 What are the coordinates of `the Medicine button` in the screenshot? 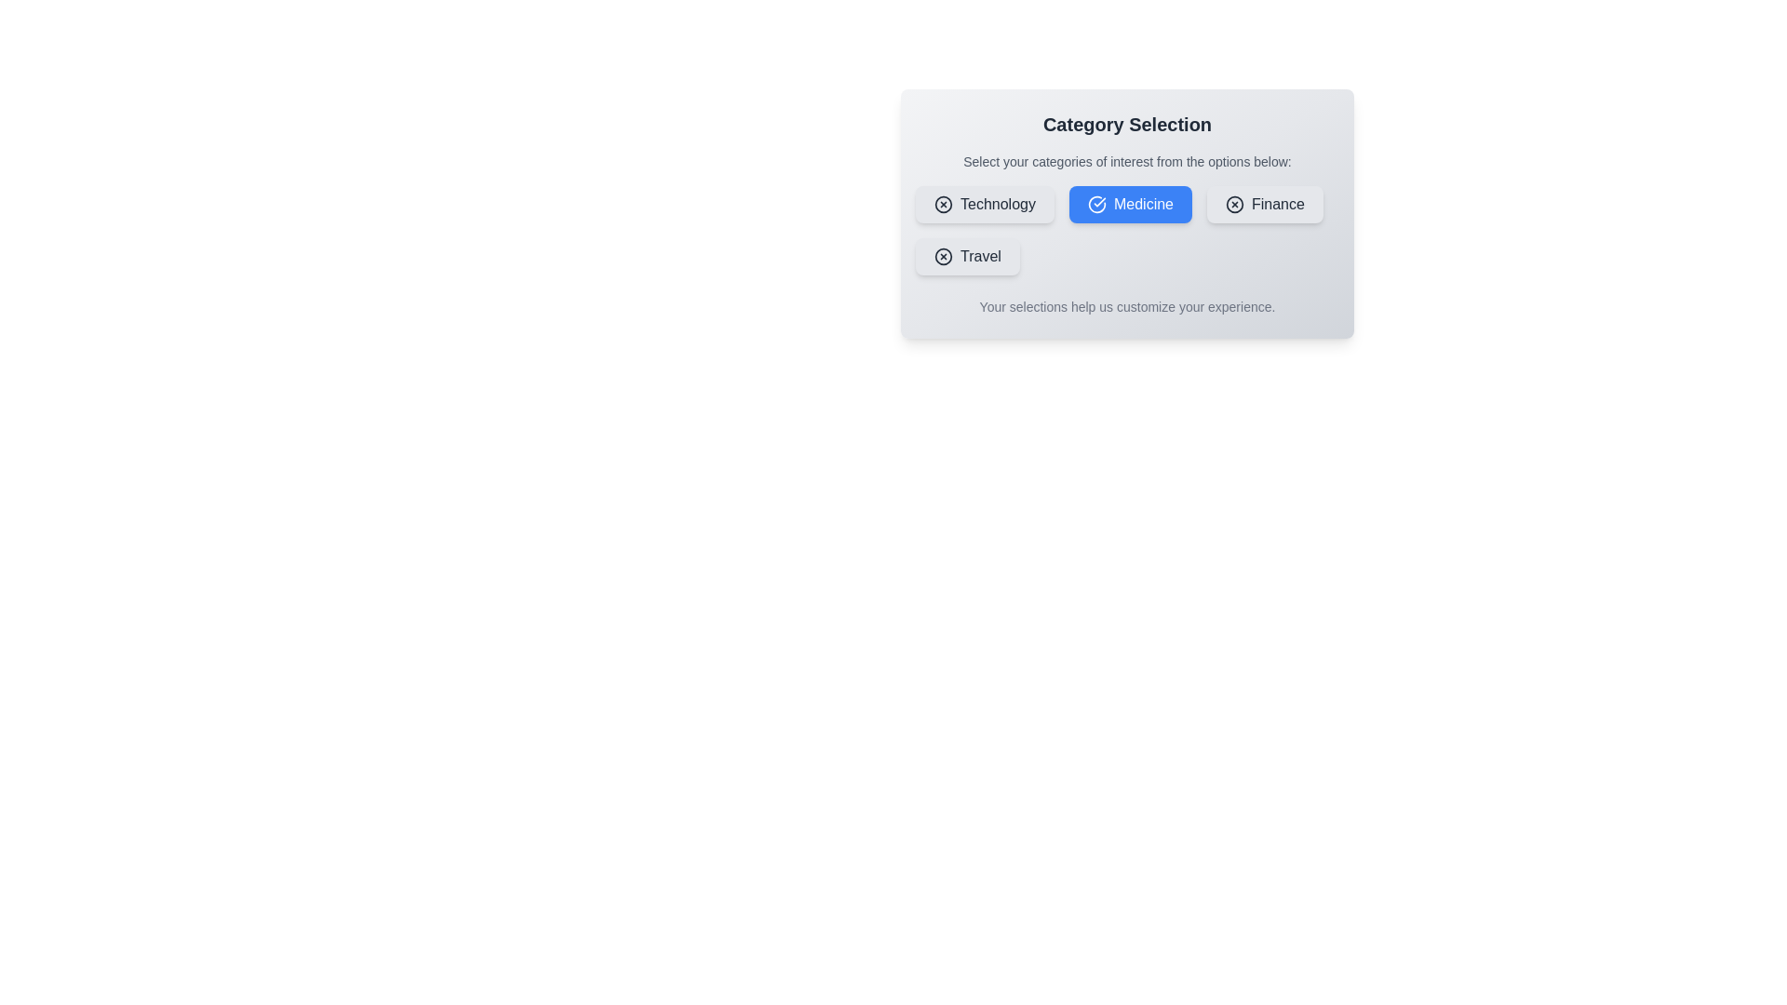 It's located at (1129, 204).